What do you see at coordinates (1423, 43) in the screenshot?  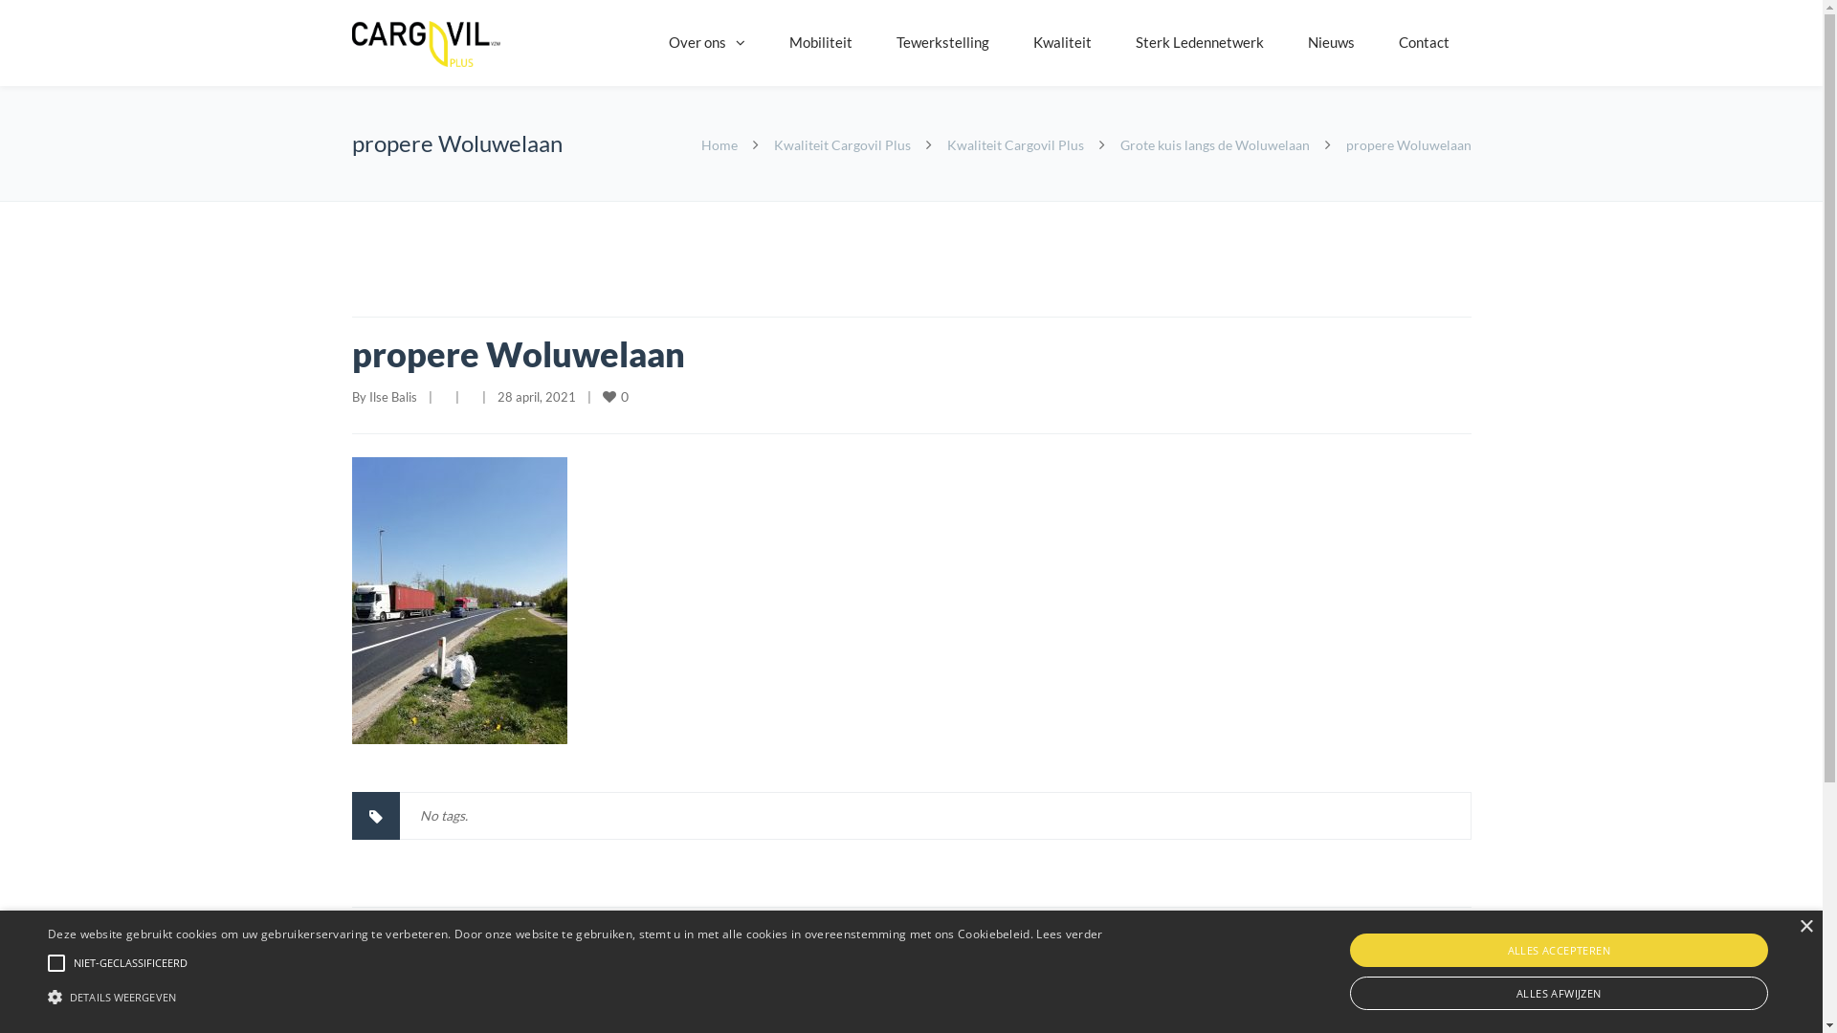 I see `'Contact'` at bounding box center [1423, 43].